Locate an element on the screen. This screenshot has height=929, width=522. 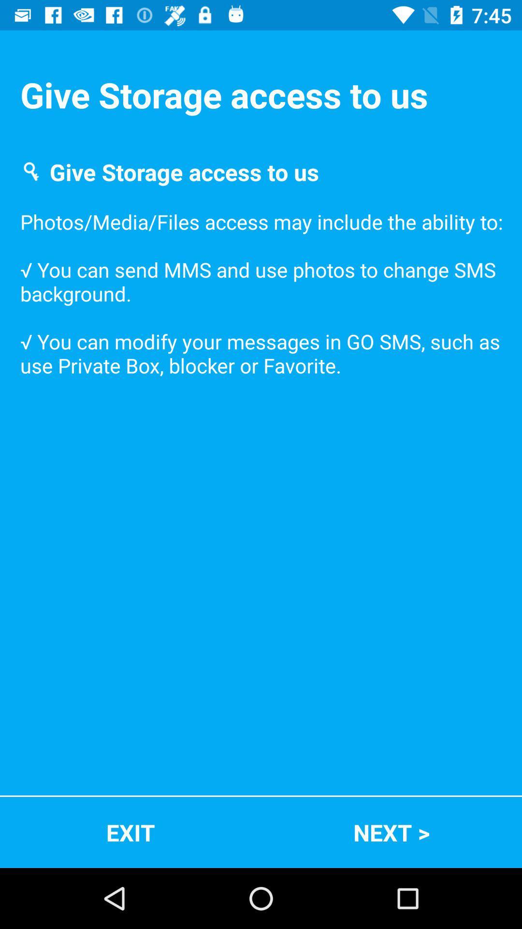
item next to the exit is located at coordinates (391, 832).